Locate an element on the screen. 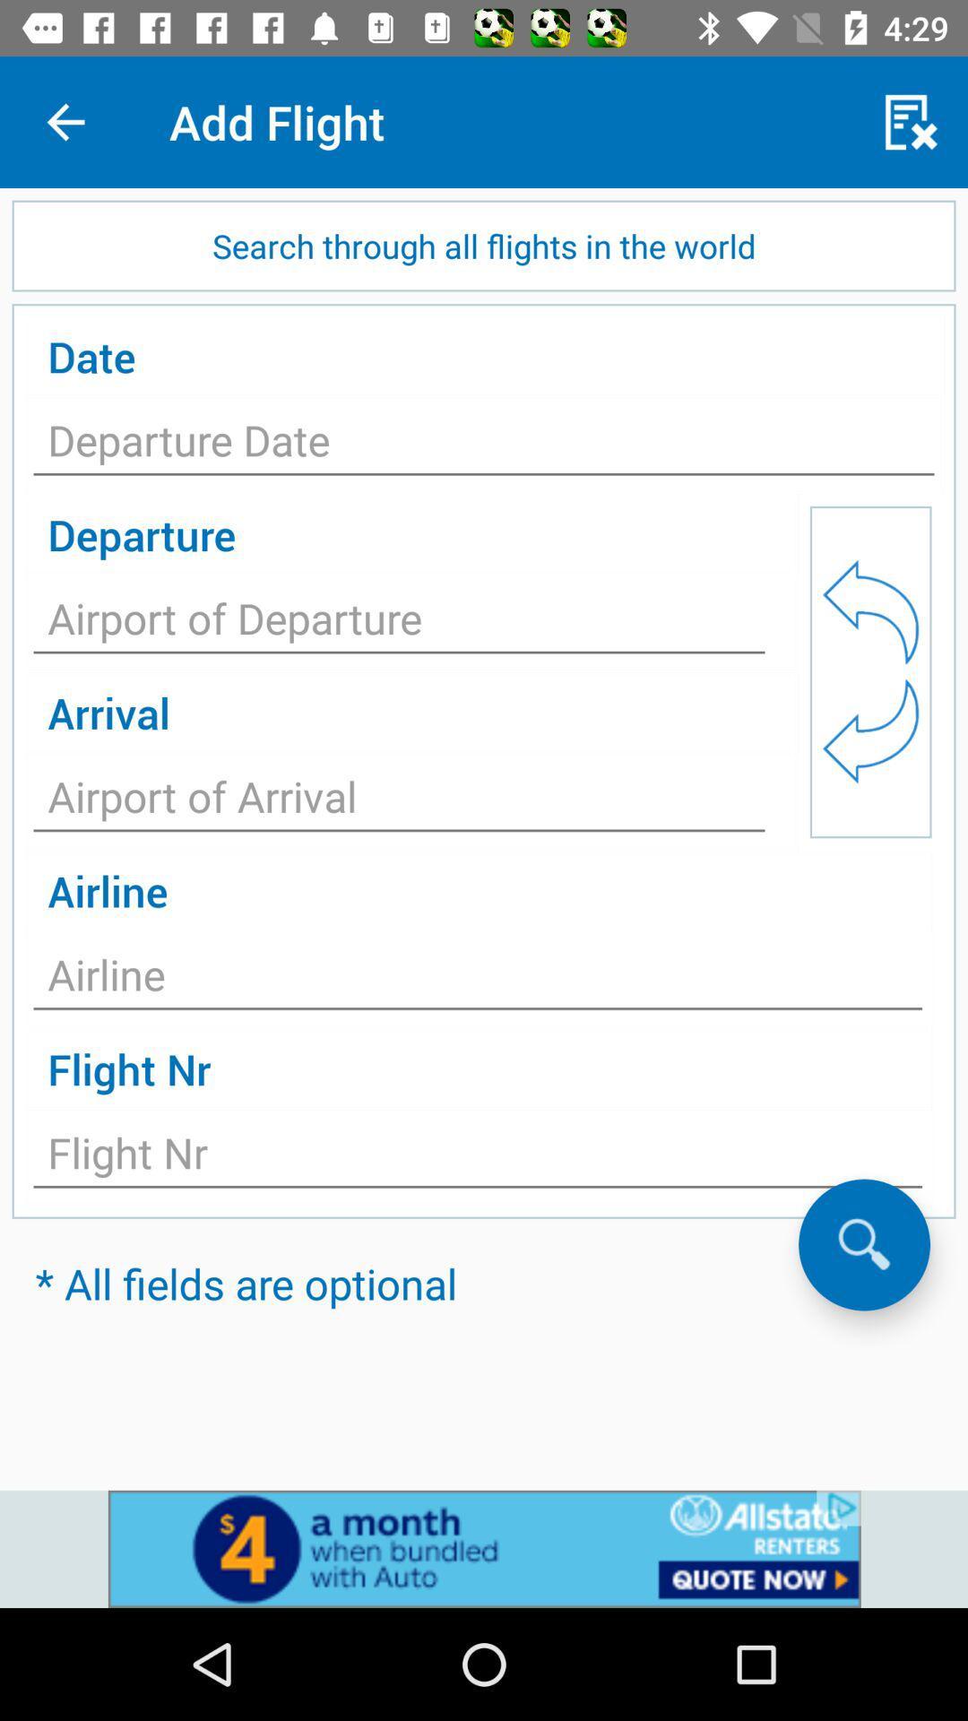 The height and width of the screenshot is (1721, 968). advertisement is located at coordinates (484, 1548).